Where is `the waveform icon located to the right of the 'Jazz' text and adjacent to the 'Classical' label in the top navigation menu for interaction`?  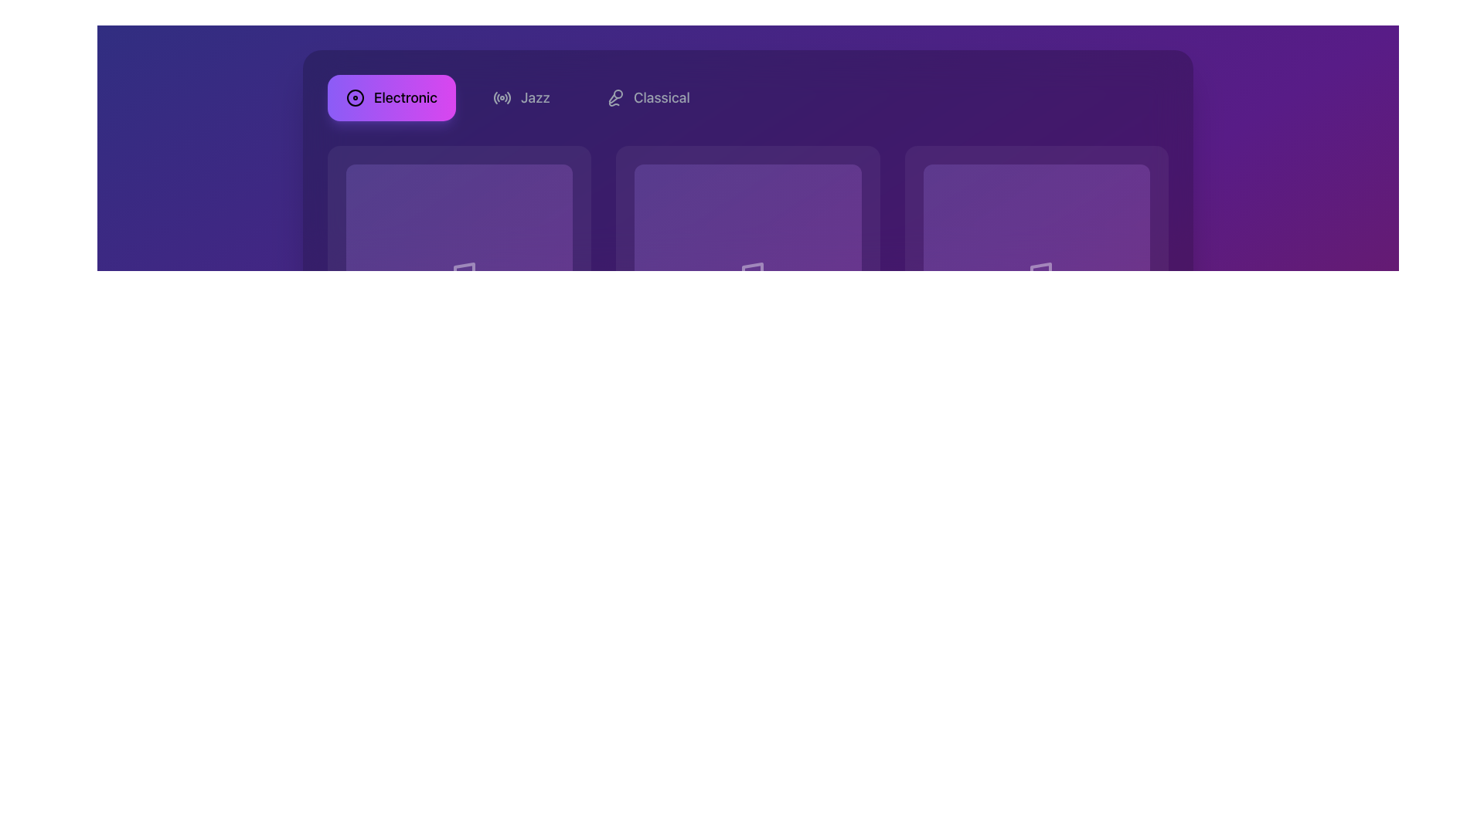
the waveform icon located to the right of the 'Jazz' text and adjacent to the 'Classical' label in the top navigation menu for interaction is located at coordinates (612, 98).